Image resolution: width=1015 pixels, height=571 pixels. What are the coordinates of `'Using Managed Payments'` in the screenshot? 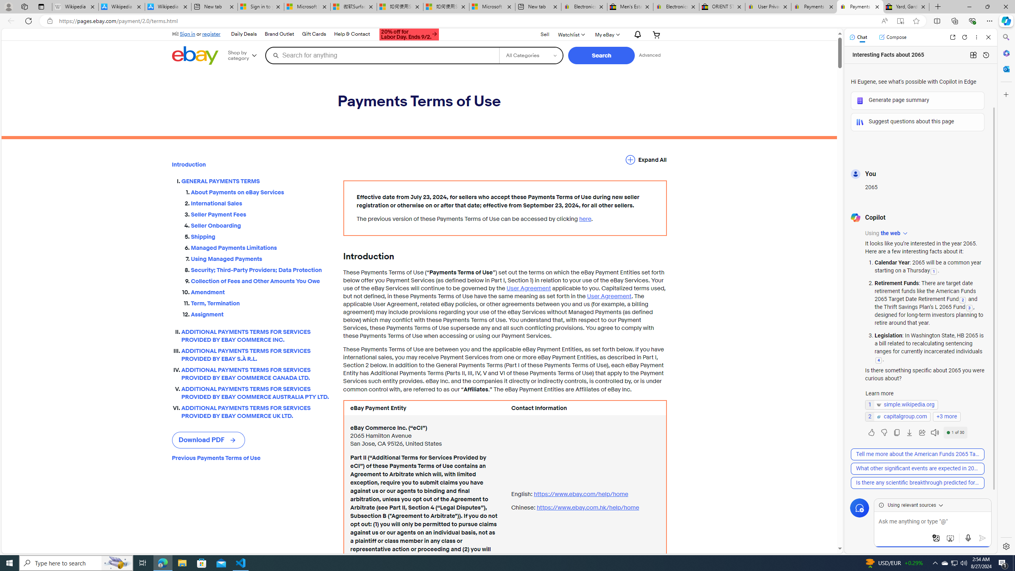 It's located at (260, 259).